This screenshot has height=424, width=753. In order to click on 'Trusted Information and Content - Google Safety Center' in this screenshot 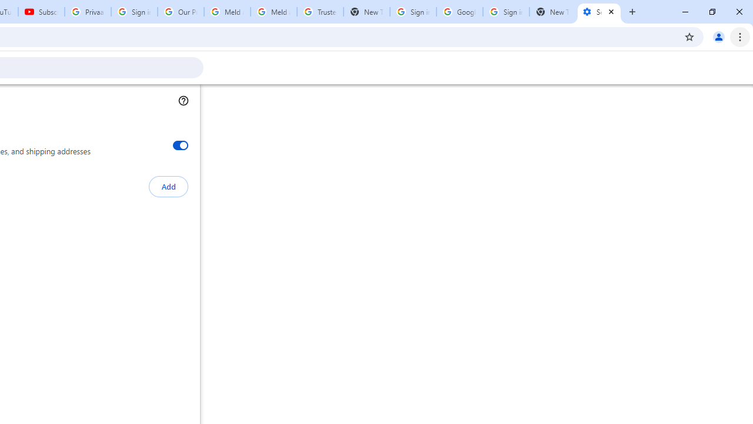, I will do `click(320, 12)`.